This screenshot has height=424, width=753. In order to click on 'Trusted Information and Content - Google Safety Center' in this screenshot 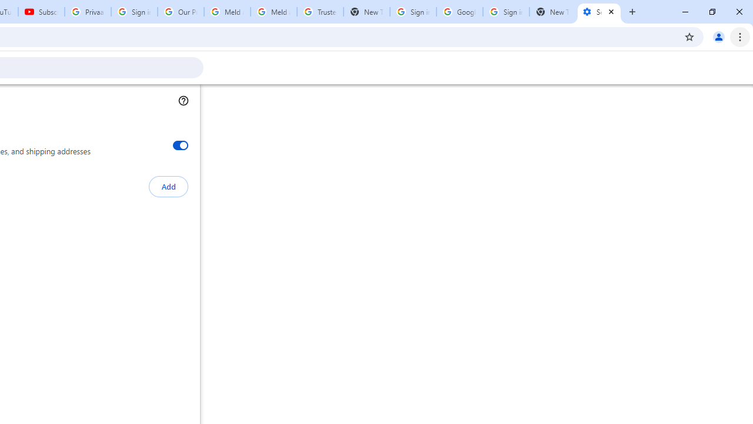, I will do `click(320, 12)`.